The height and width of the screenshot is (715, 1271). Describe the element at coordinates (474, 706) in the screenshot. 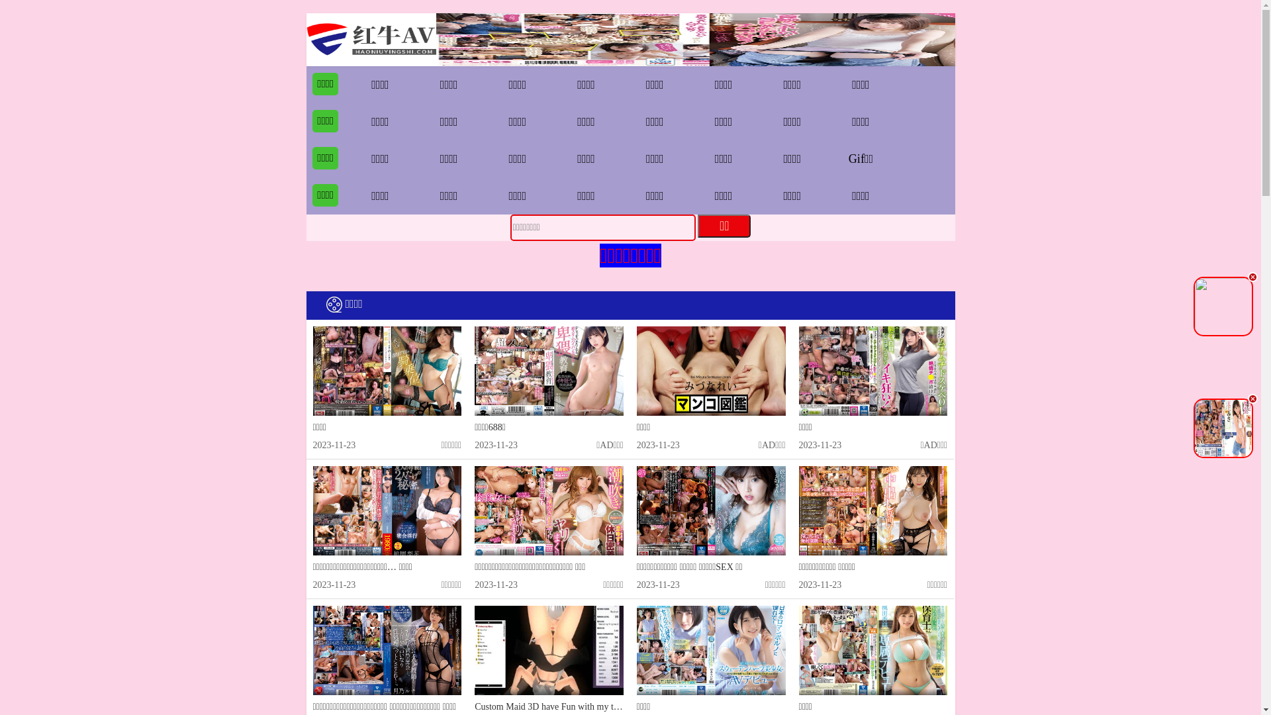

I see `'Custom Maid 3D have Fun with my two Awesome Maid'` at that location.